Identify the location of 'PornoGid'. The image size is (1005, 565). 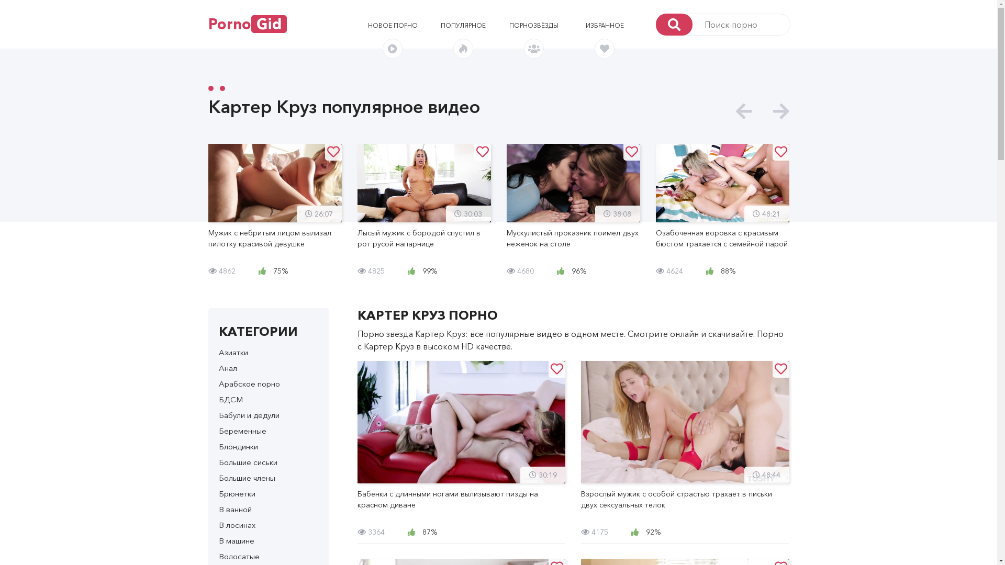
(247, 24).